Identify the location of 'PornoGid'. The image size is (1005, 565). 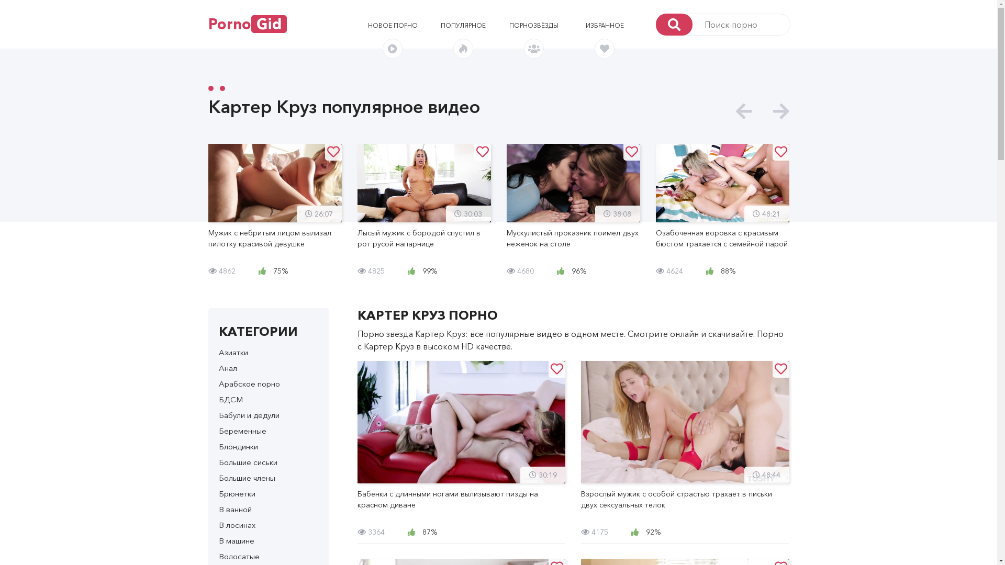
(247, 24).